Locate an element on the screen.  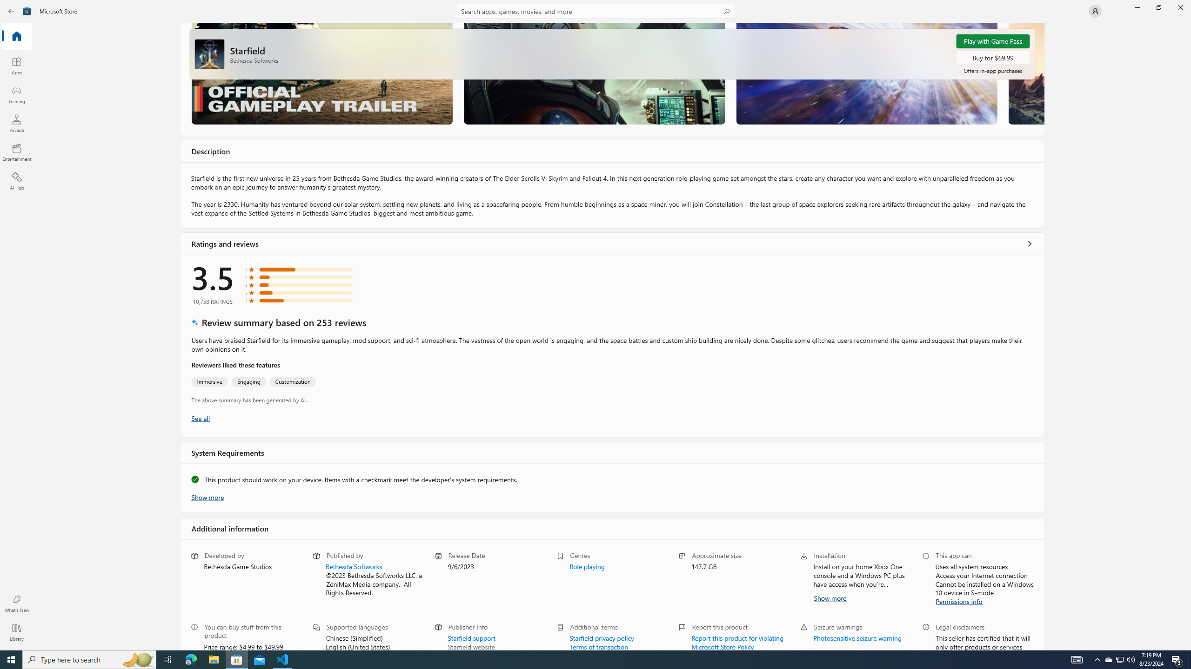
'Gameplay Trailer' is located at coordinates (322, 73).